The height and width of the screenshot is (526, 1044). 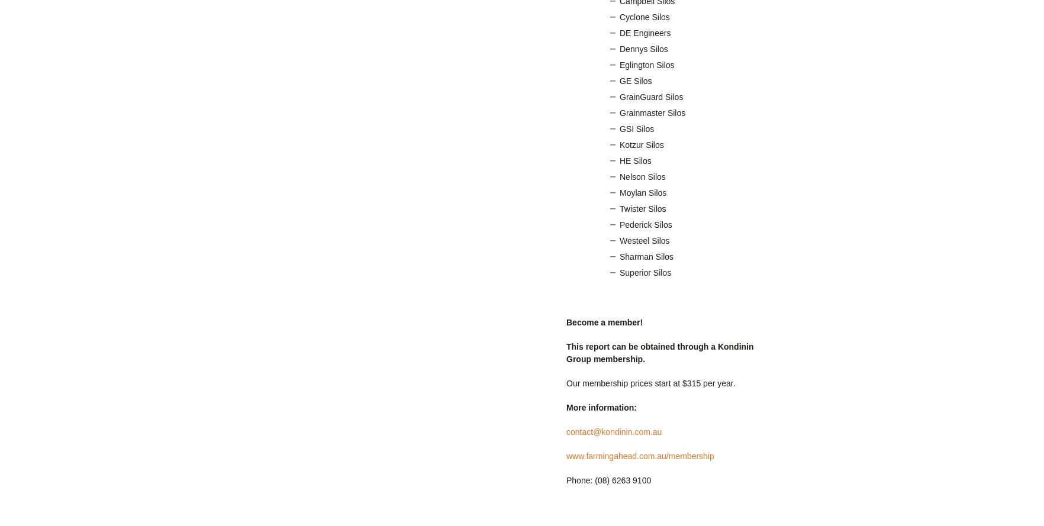 What do you see at coordinates (619, 97) in the screenshot?
I see `'GrainGuard Silos'` at bounding box center [619, 97].